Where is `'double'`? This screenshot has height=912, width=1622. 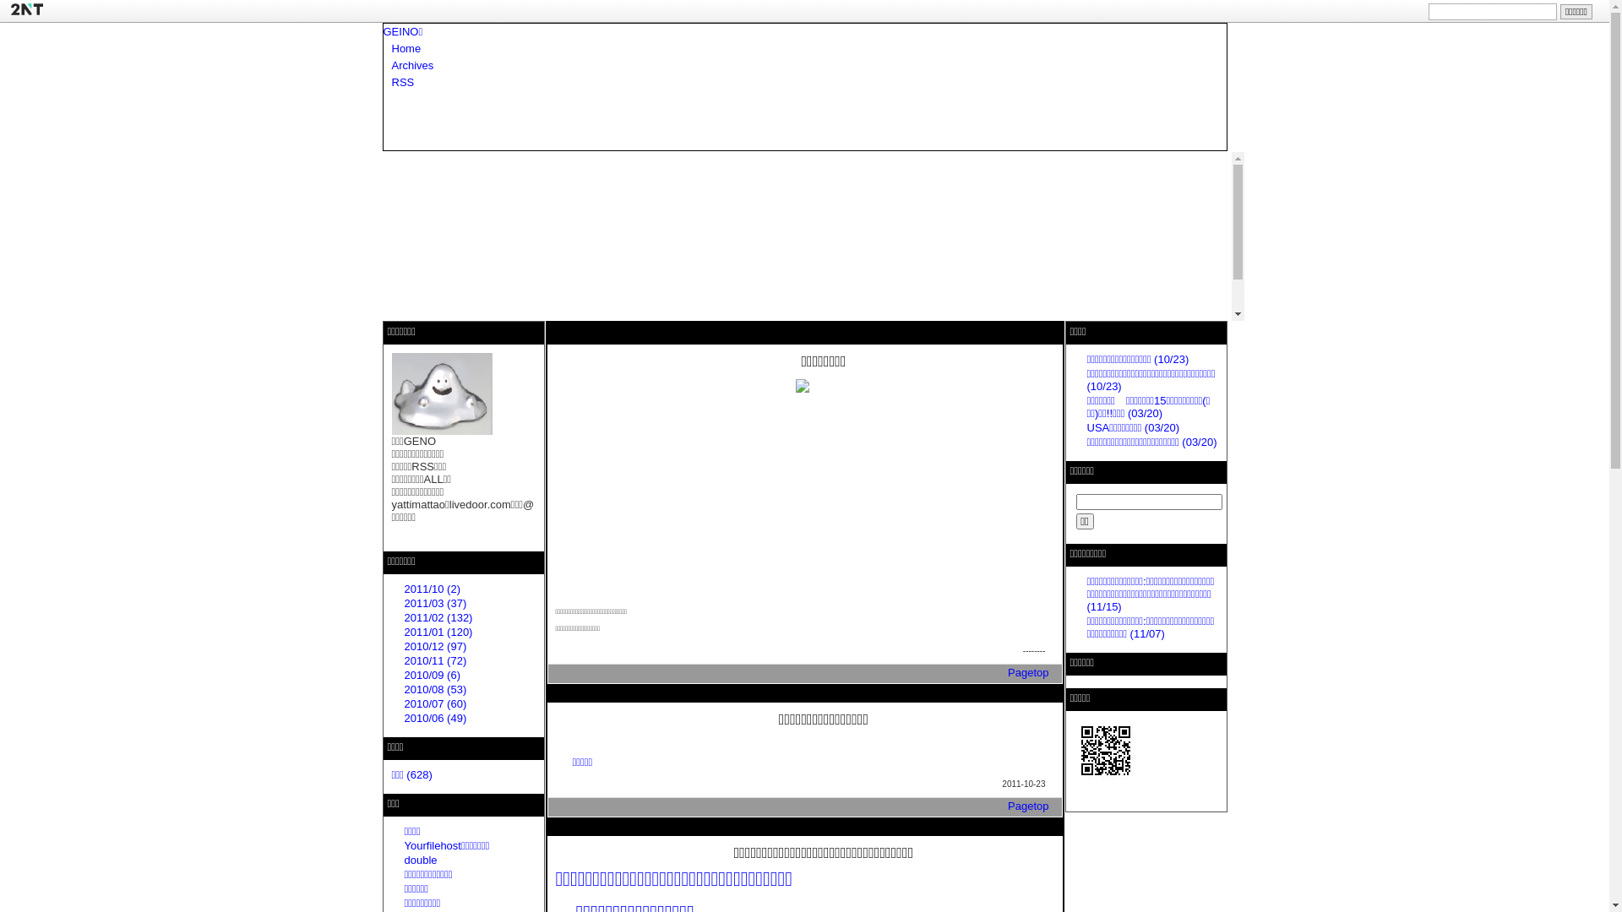 'double' is located at coordinates (420, 860).